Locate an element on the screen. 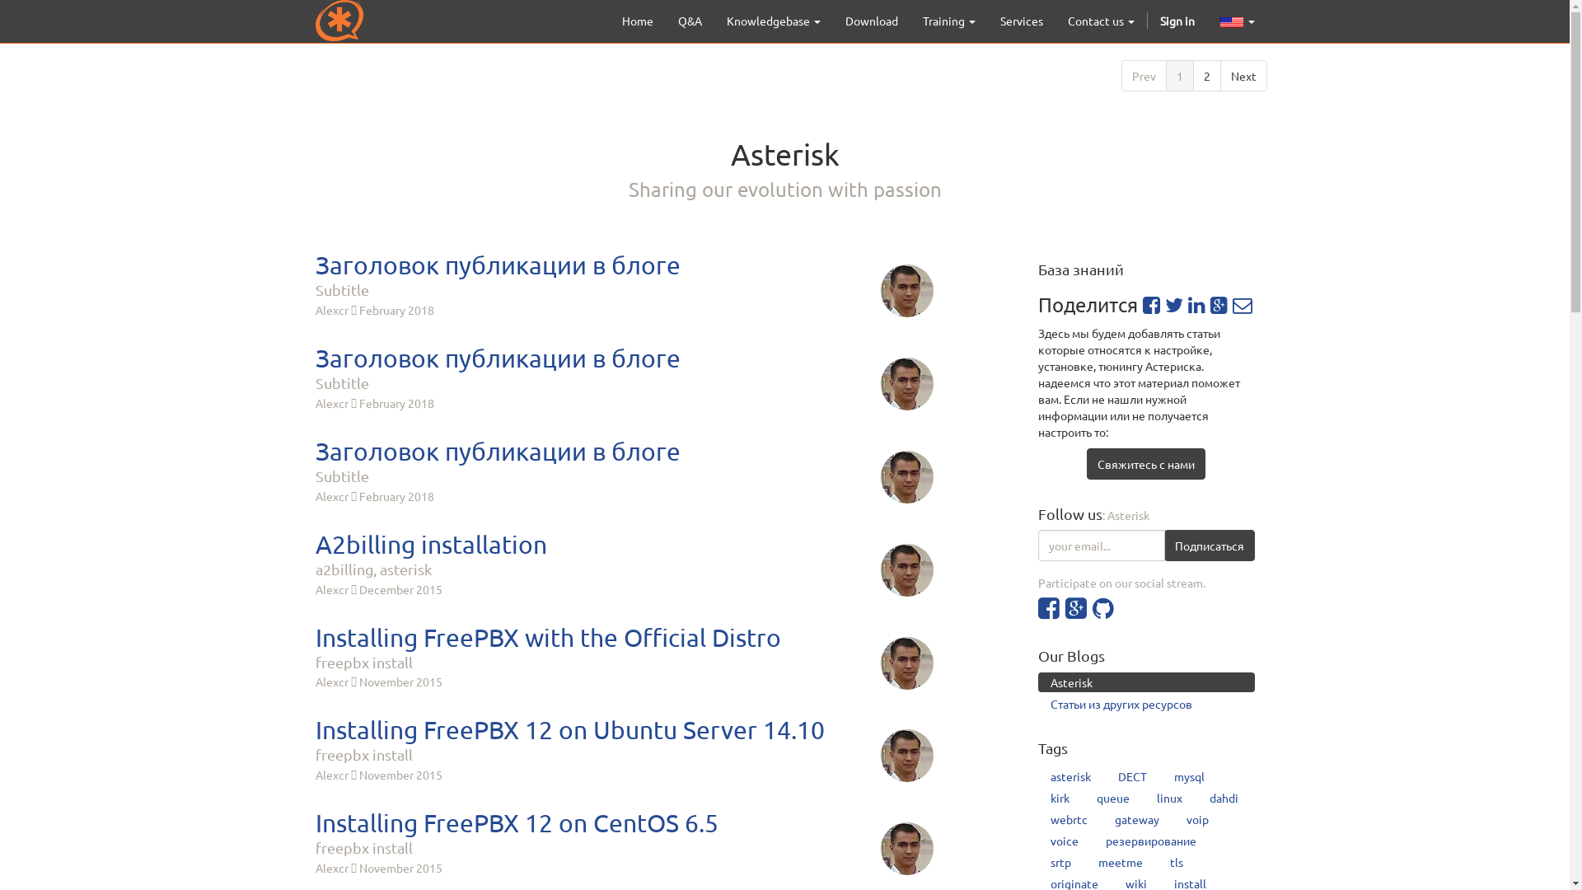  'DECT' is located at coordinates (1131, 775).